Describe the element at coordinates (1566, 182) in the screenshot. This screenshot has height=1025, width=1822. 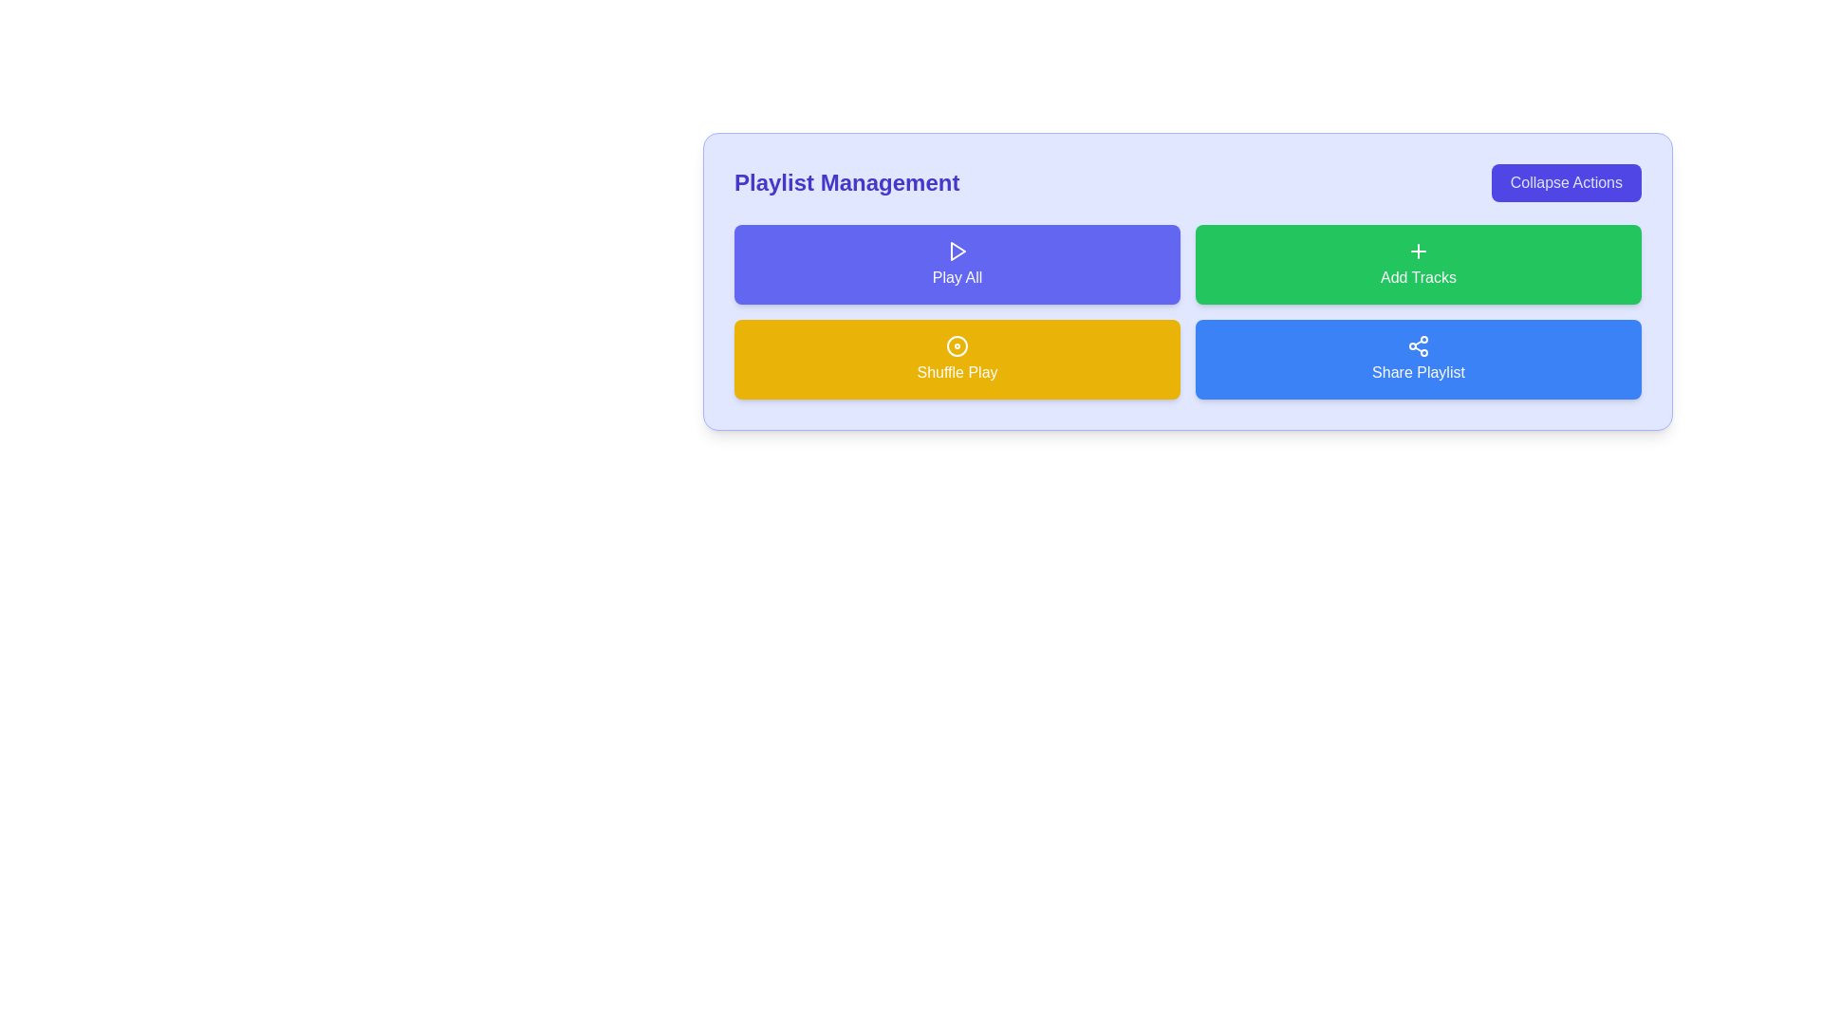
I see `the button located in the top-right corner of the 'Playlist Management' section` at that location.